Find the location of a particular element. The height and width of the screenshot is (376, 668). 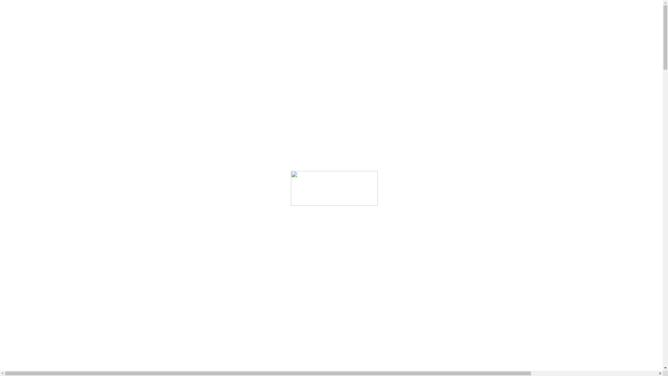

'EN' is located at coordinates (24, 77).